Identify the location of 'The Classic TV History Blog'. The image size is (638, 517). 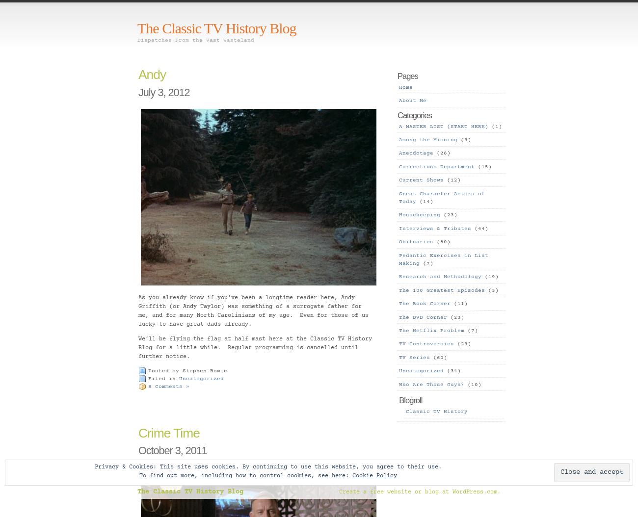
(216, 27).